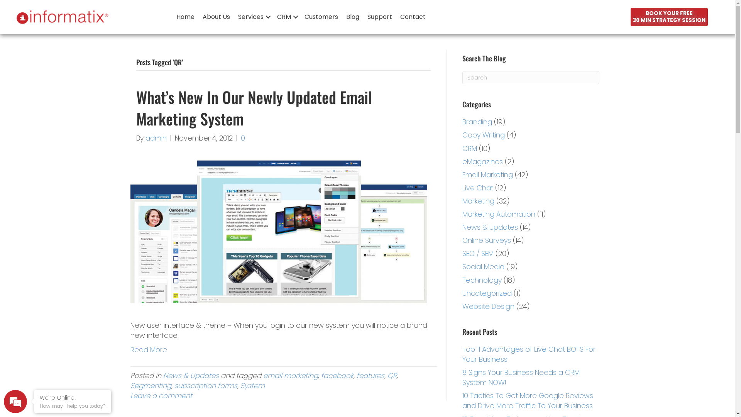 The image size is (741, 417). I want to click on 'Marketing', so click(478, 200).